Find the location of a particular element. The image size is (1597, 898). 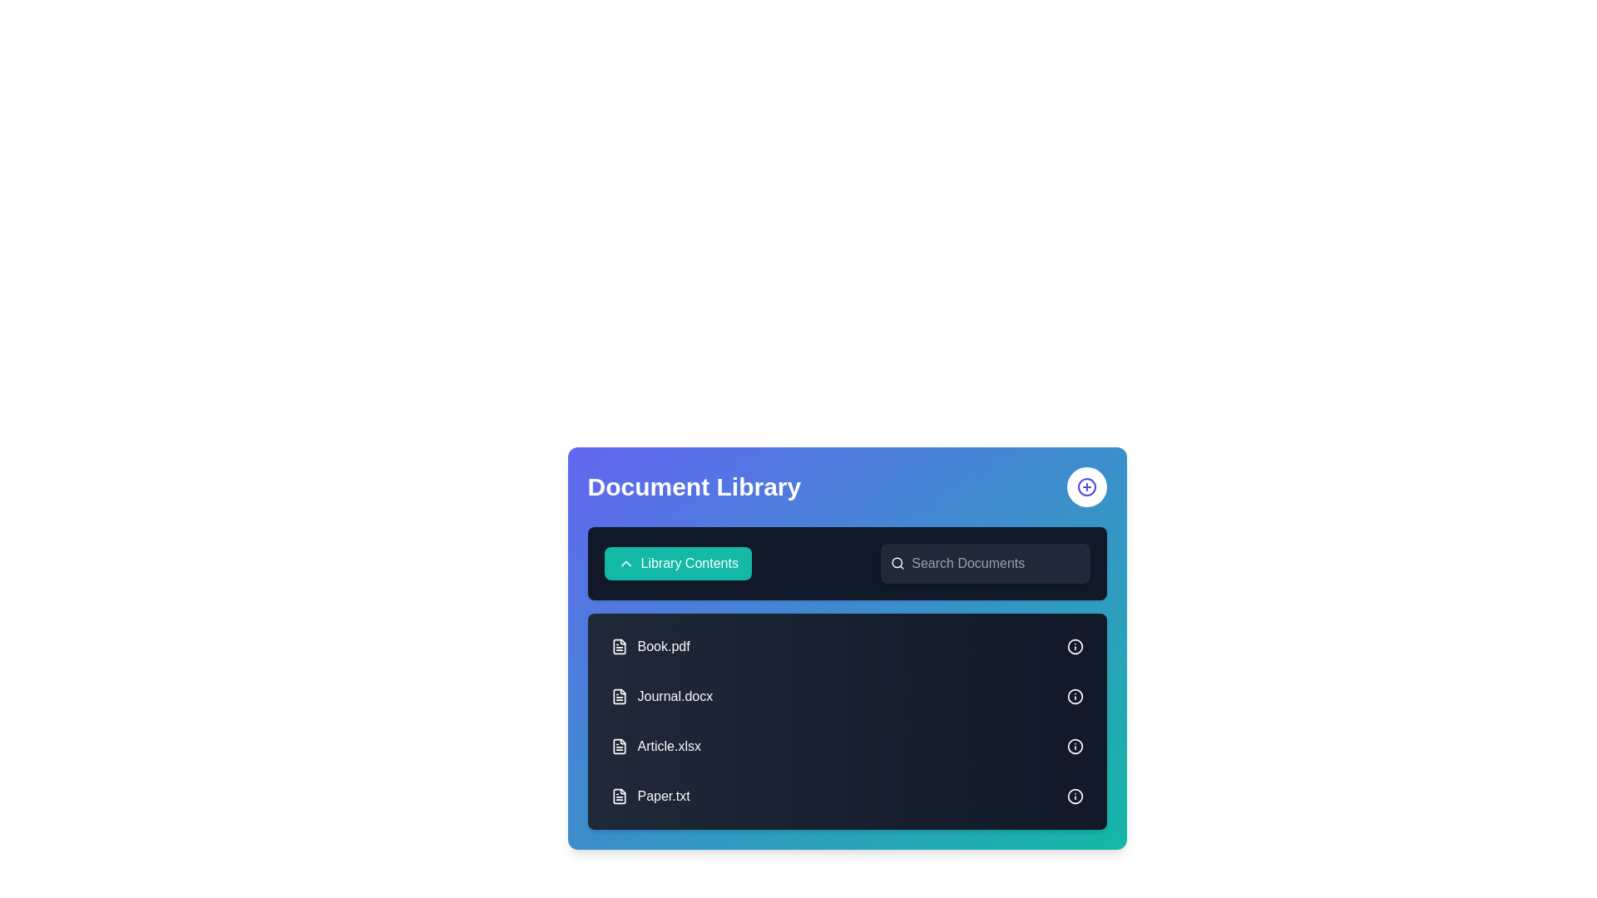

the text label displaying 'Paper.txt' in the 'Document Library' section is located at coordinates (650, 795).